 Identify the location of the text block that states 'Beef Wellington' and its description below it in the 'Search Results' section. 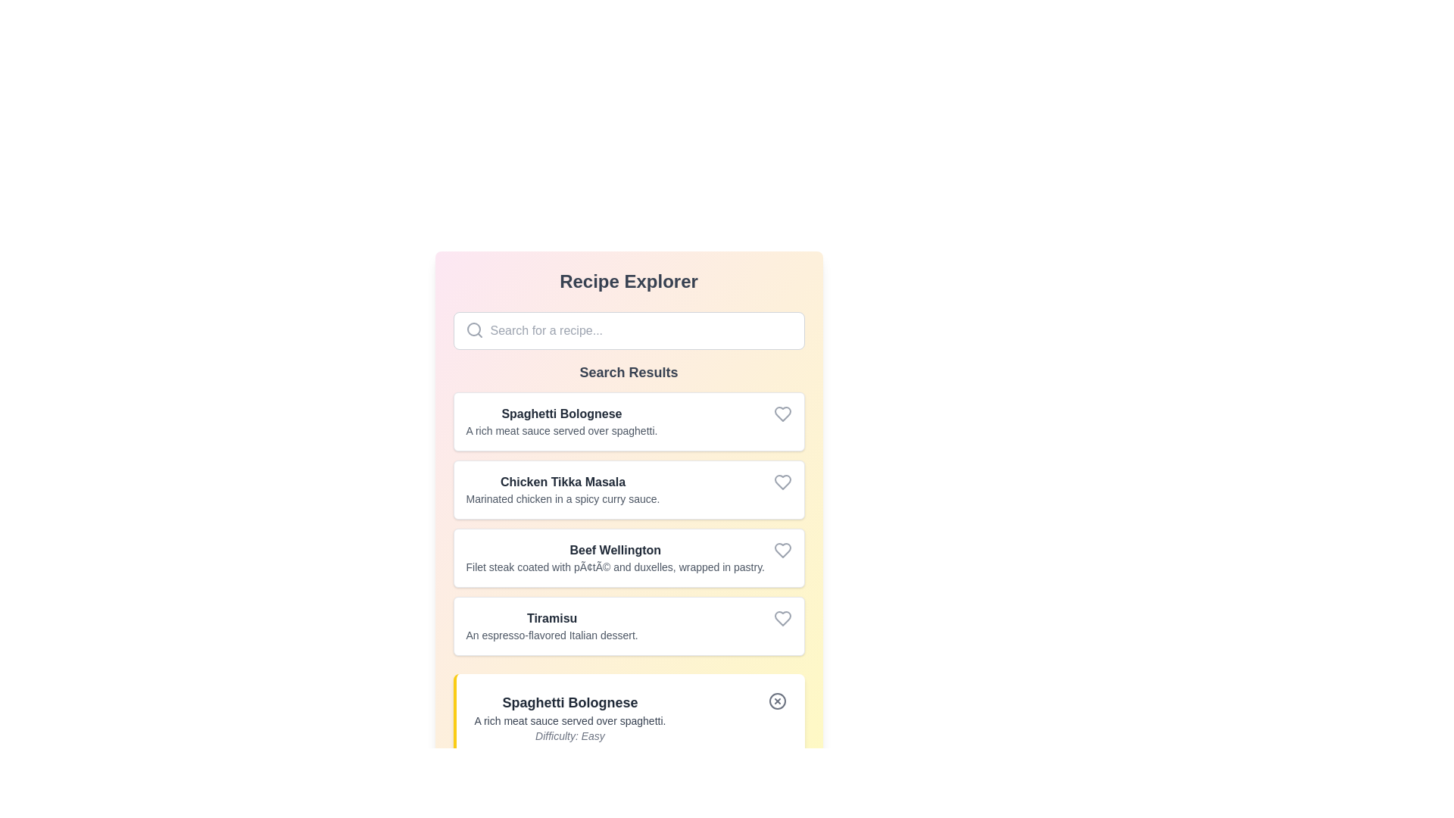
(615, 557).